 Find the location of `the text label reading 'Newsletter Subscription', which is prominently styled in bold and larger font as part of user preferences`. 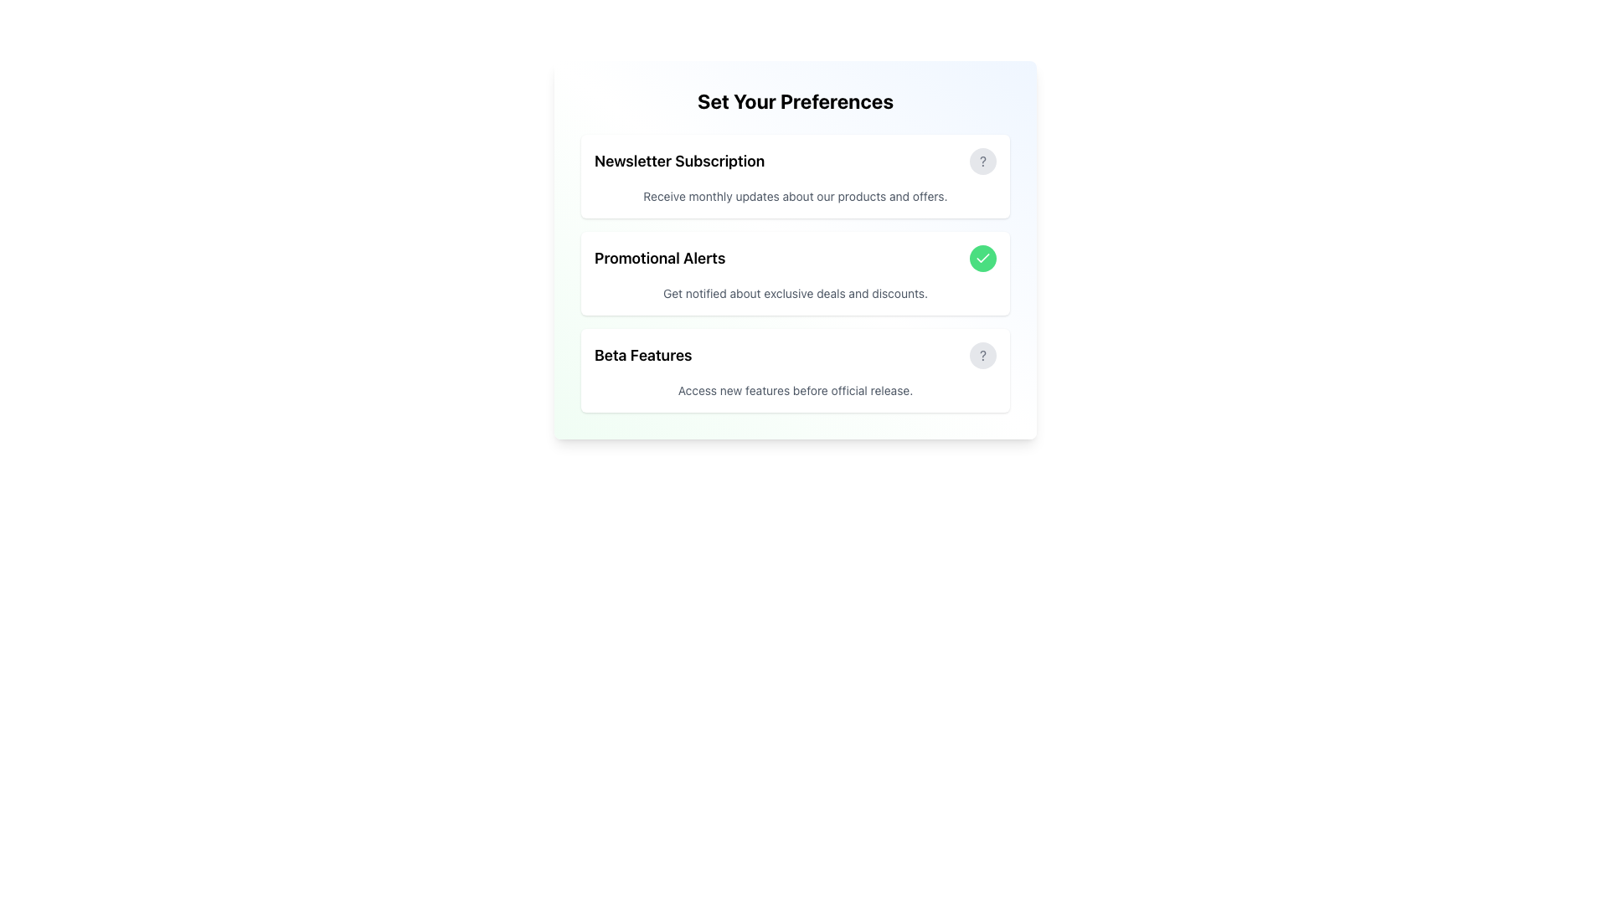

the text label reading 'Newsletter Subscription', which is prominently styled in bold and larger font as part of user preferences is located at coordinates (679, 161).